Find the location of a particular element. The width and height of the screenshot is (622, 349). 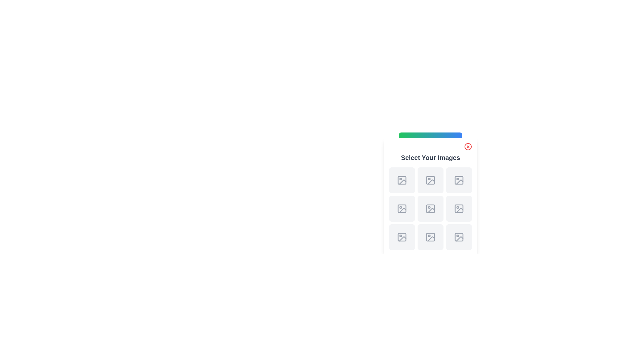

the icon component represented by an SVG rectangle located at the bottom-right corner of the third row in a 3x3 grid layout is located at coordinates (431, 237).